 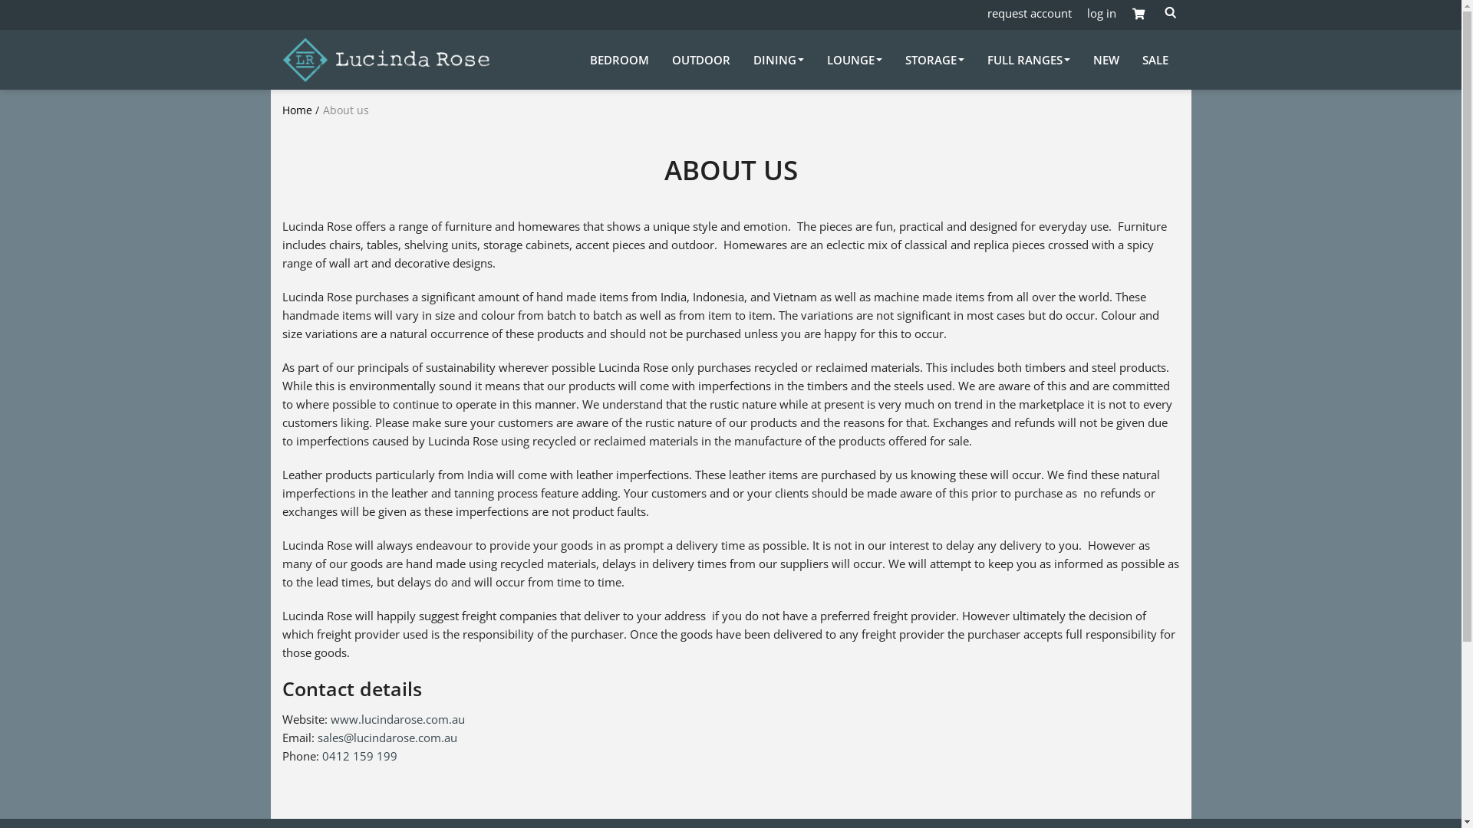 I want to click on 'STORAGE', so click(x=934, y=58).